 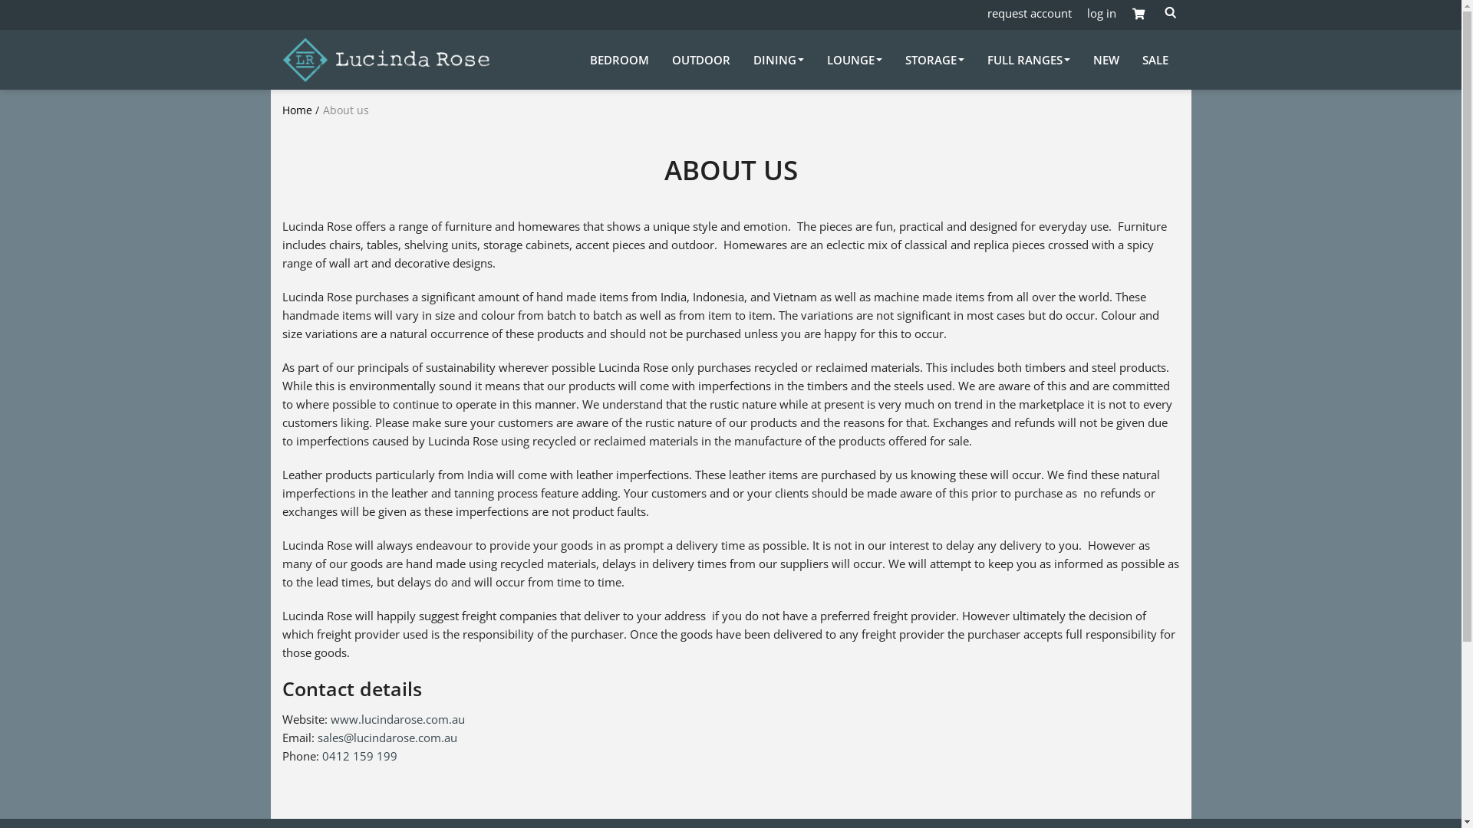 I want to click on 'STORAGE', so click(x=934, y=58).